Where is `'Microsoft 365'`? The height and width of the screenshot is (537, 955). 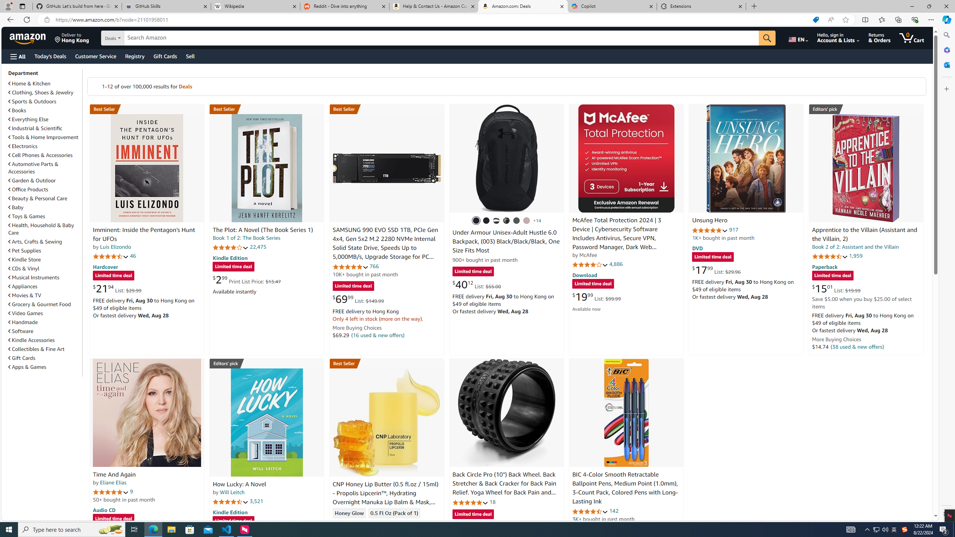 'Microsoft 365' is located at coordinates (946, 50).